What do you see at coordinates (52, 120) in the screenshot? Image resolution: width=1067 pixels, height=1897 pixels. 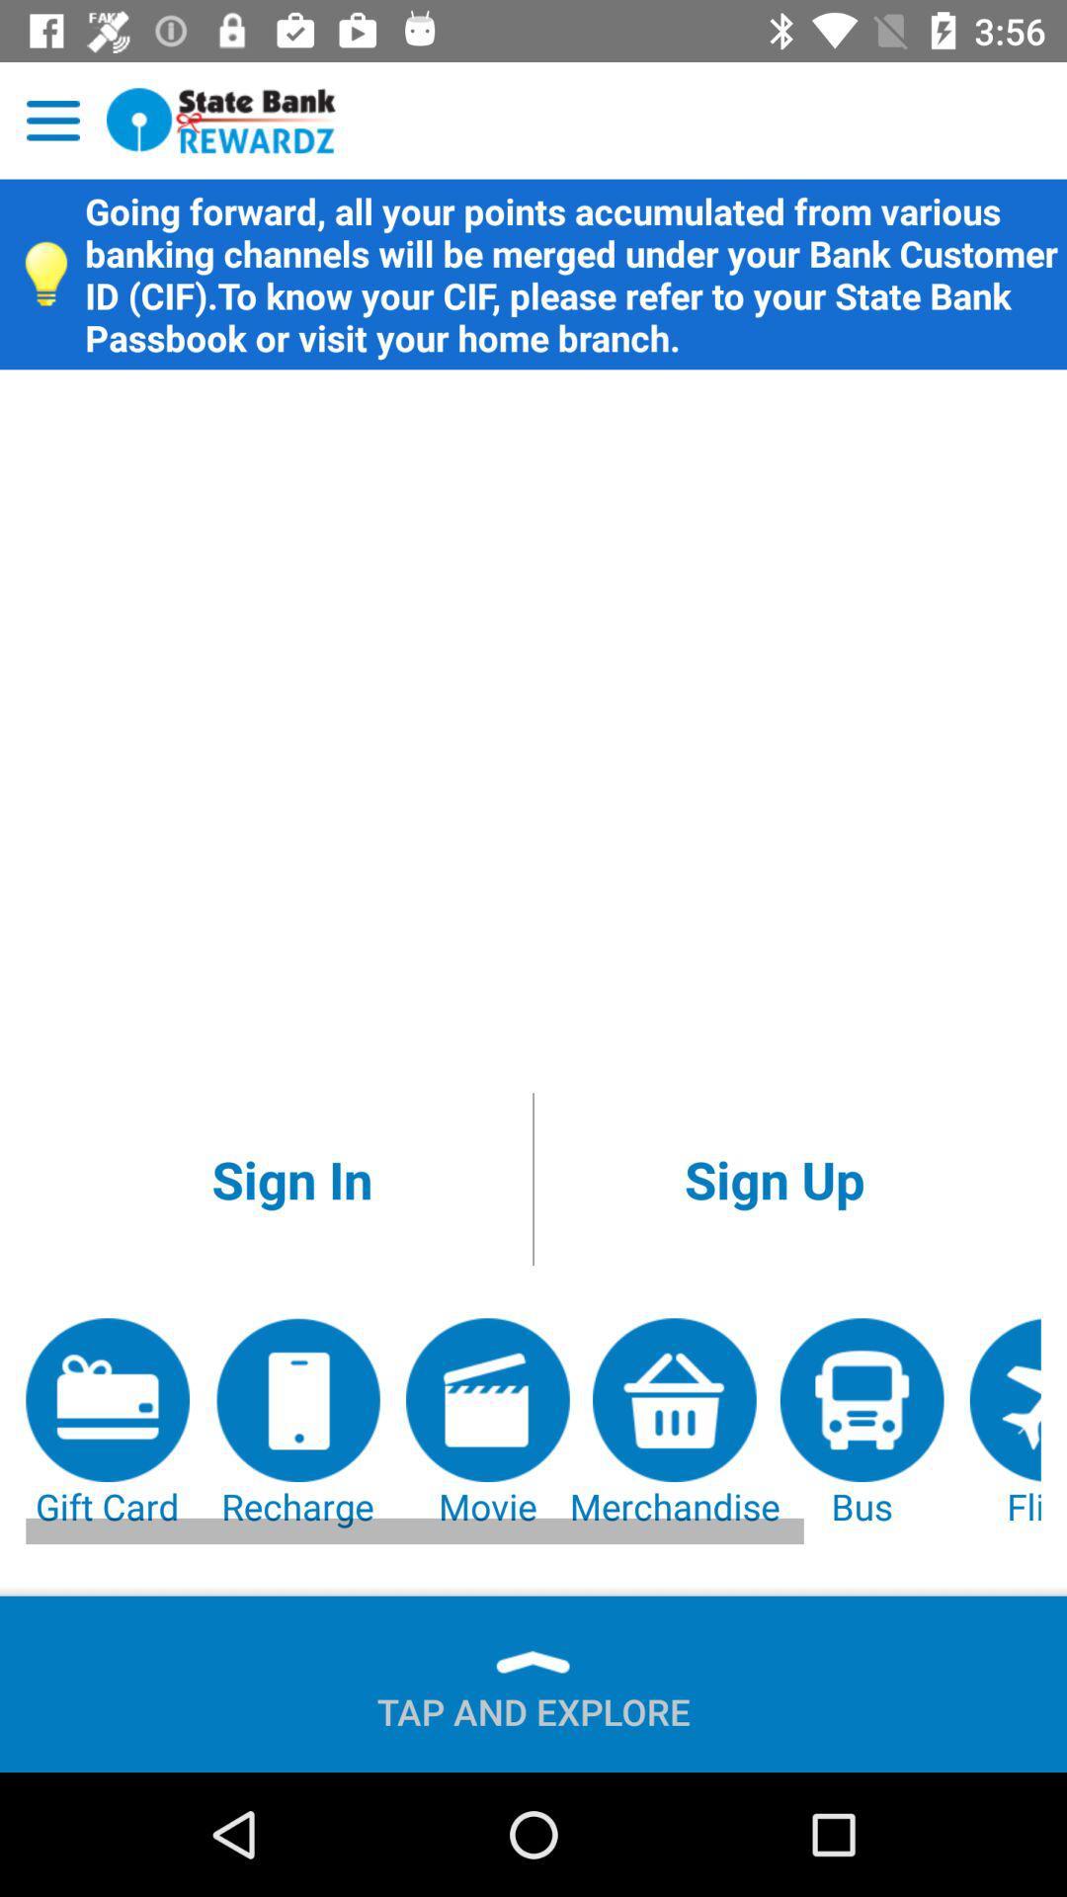 I see `the menu` at bounding box center [52, 120].